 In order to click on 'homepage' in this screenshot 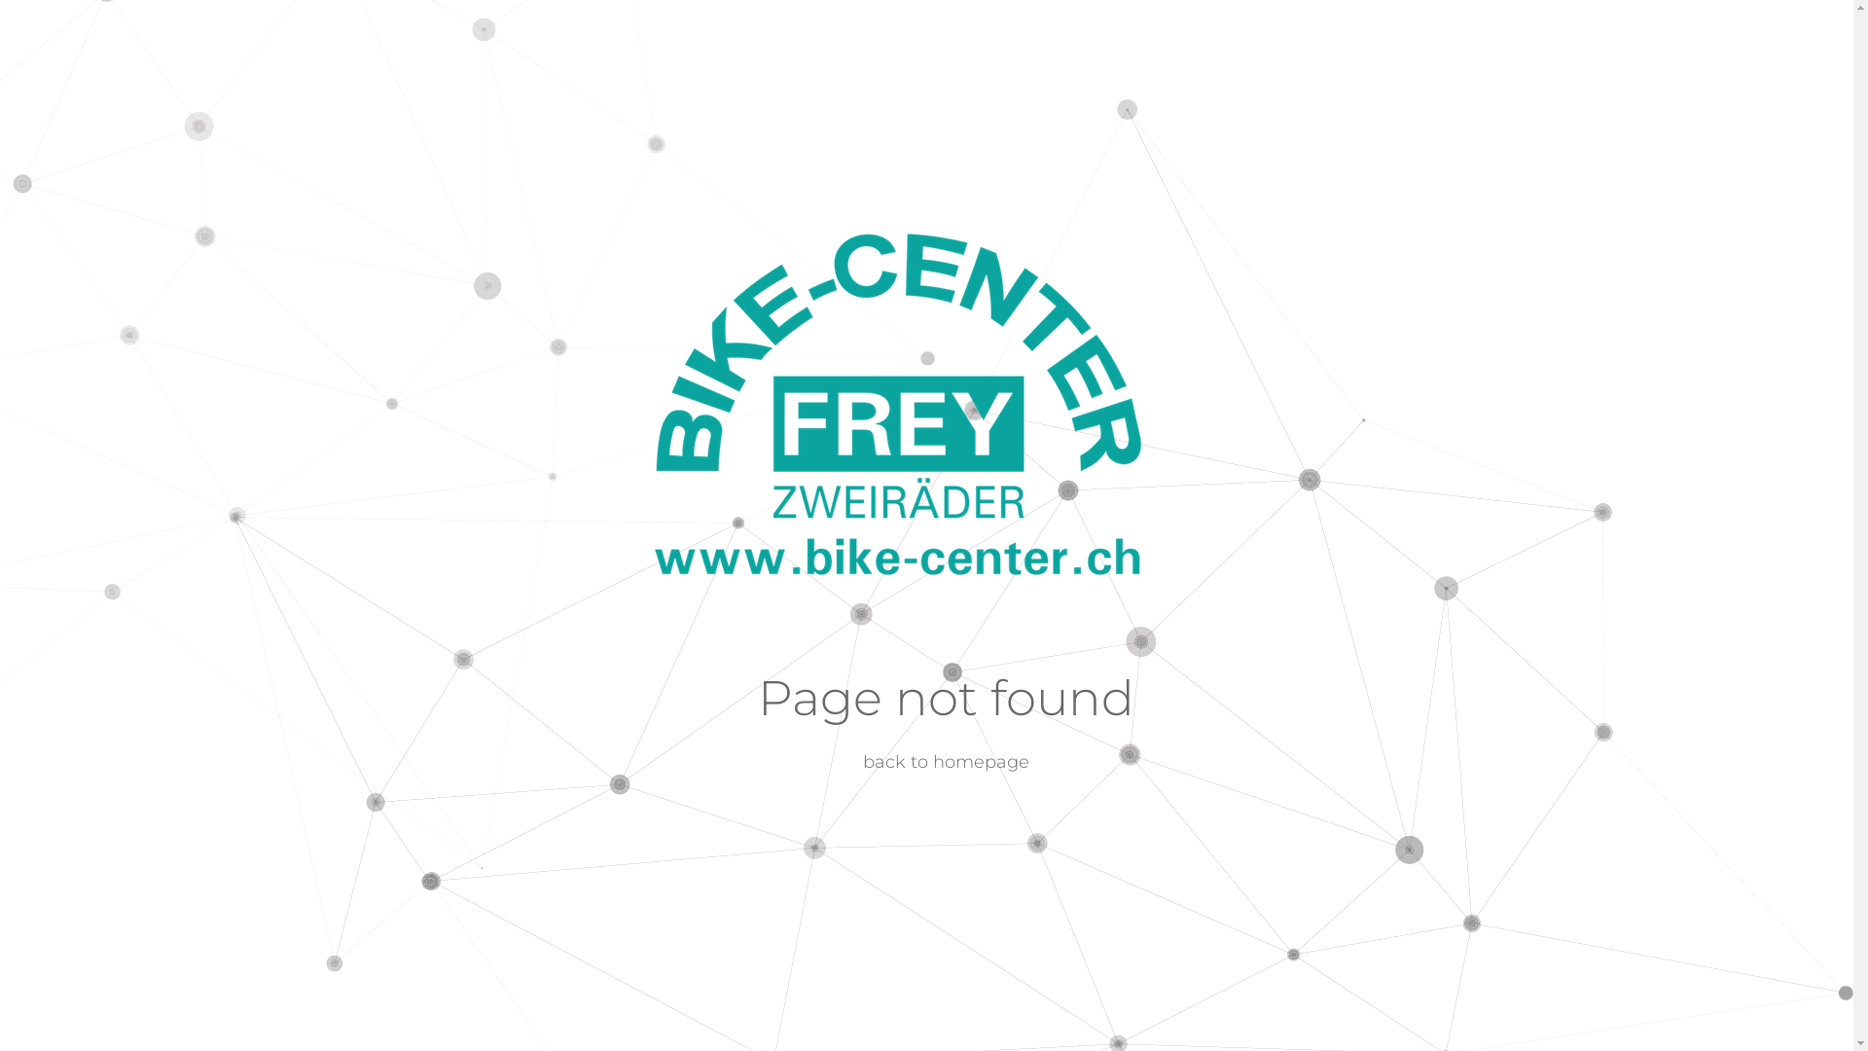, I will do `click(981, 761)`.